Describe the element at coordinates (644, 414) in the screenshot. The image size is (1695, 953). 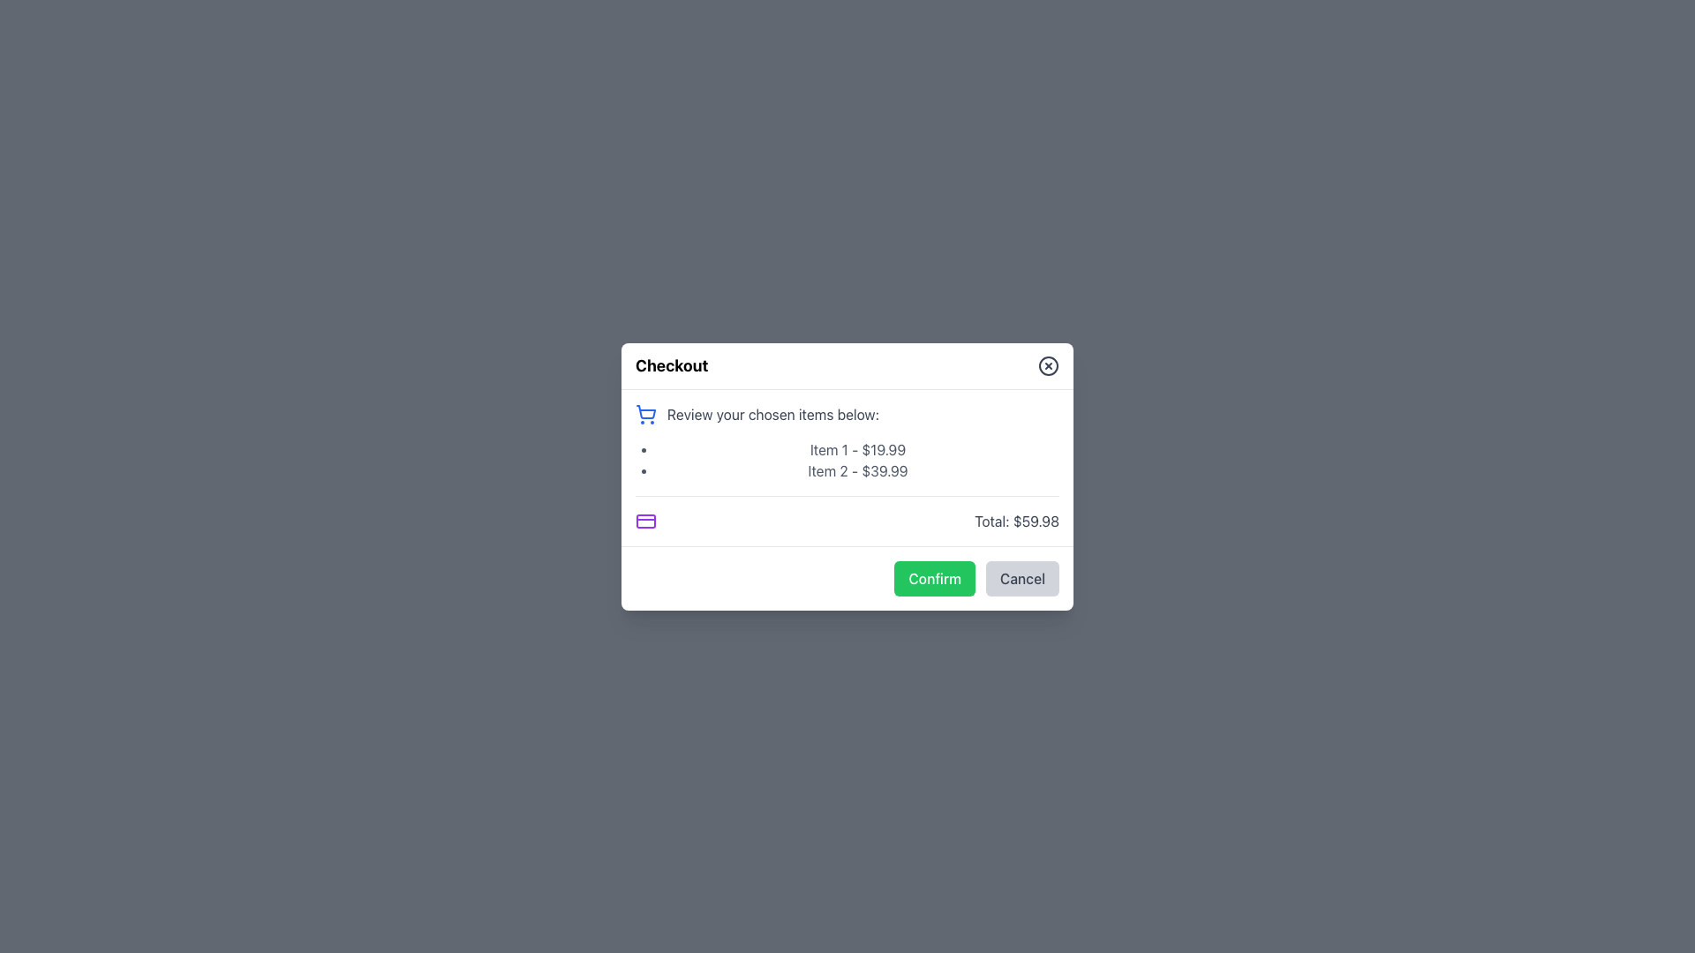
I see `the blue shopping cart icon located at the top-left of the content area within the dialog box, next to the text 'Review your chosen items below:', if it has interactive functionality` at that location.